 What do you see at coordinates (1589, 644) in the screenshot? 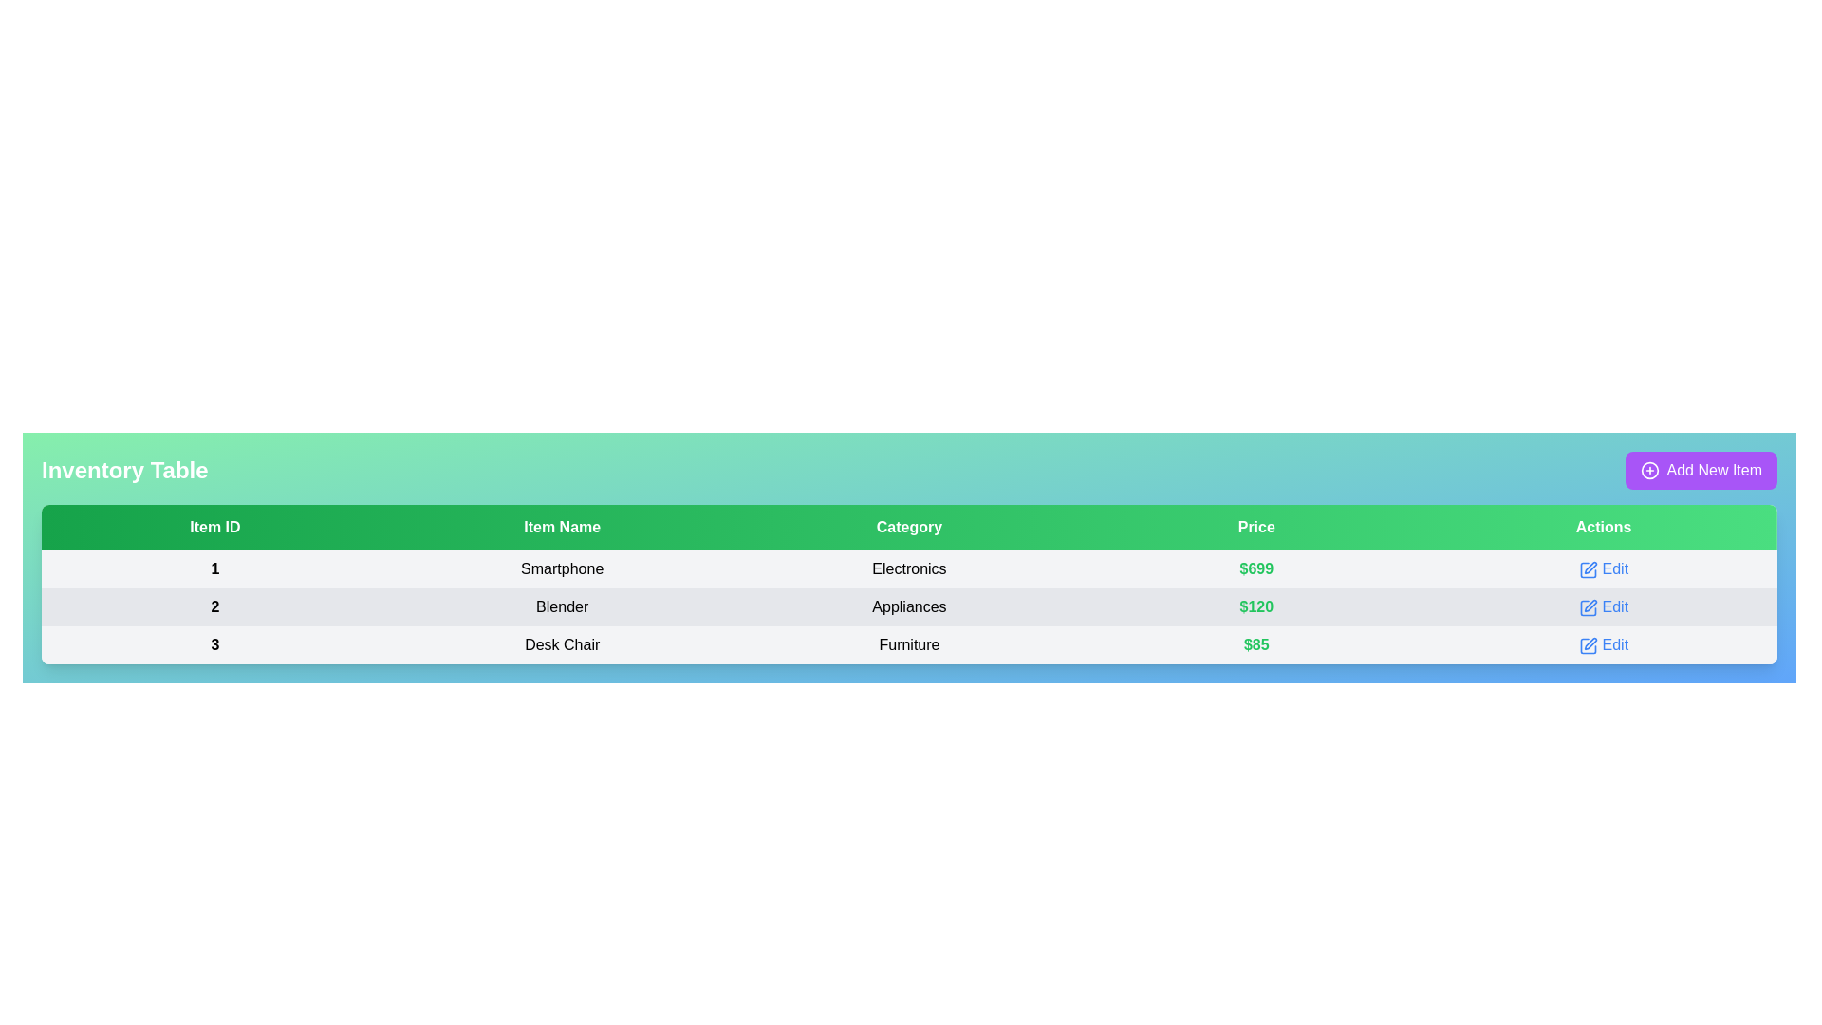
I see `the edit icon in the 'Actions' column of the third row in the table, which allows users to modify details when clicked` at bounding box center [1589, 644].